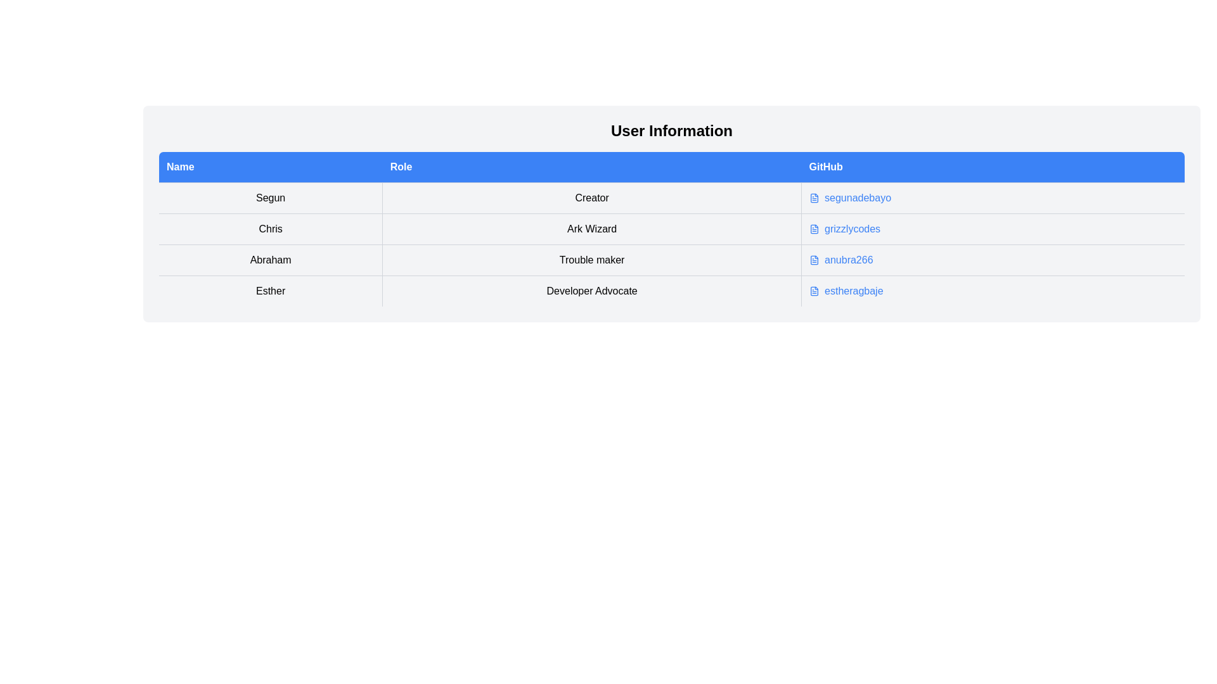  What do you see at coordinates (815, 198) in the screenshot?
I see `the GitHub icon located in the first row of the GitHub column, which is positioned to the immediate left of the text 'segunadebayo', to follow the link to the GitHub profile` at bounding box center [815, 198].